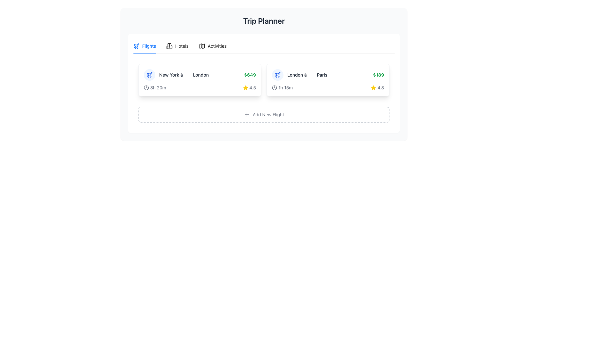 The image size is (615, 346). What do you see at coordinates (136, 45) in the screenshot?
I see `the 'Flights' icon located on the left side of the navigation menu at the top of the flight planning interface` at bounding box center [136, 45].